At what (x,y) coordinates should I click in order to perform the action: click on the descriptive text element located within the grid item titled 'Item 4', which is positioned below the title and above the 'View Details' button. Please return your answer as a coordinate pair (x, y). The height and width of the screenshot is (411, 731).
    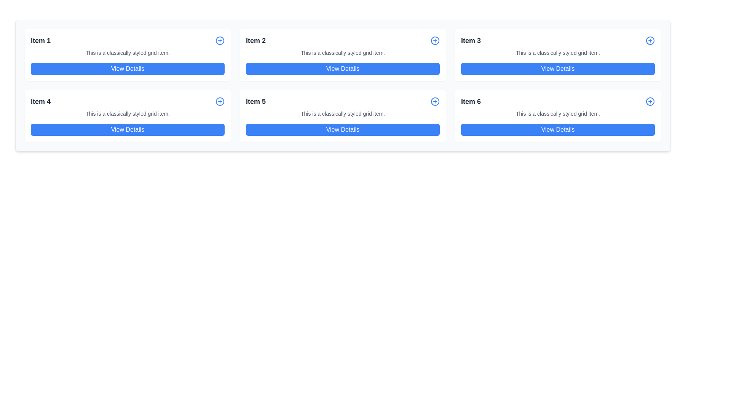
    Looking at the image, I should click on (128, 114).